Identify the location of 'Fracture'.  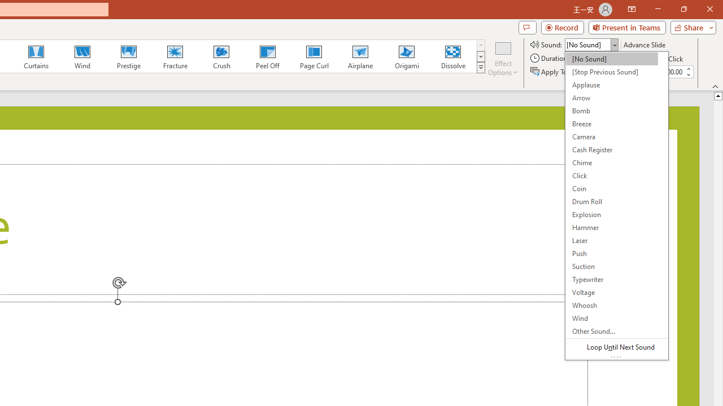
(174, 56).